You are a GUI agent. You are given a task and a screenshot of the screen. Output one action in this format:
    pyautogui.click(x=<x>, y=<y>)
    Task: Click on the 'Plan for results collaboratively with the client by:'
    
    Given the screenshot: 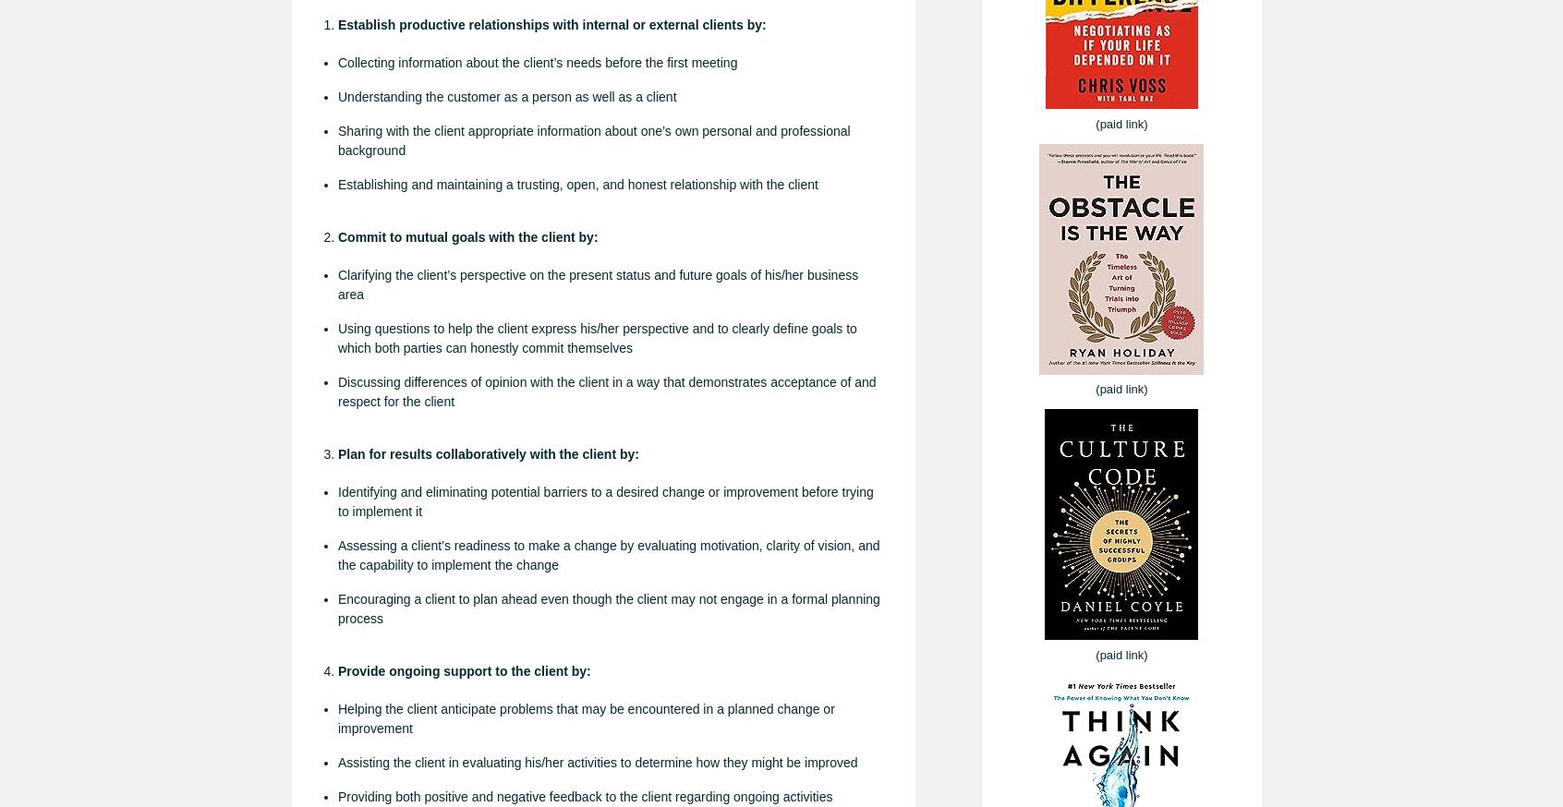 What is the action you would take?
    pyautogui.click(x=488, y=452)
    